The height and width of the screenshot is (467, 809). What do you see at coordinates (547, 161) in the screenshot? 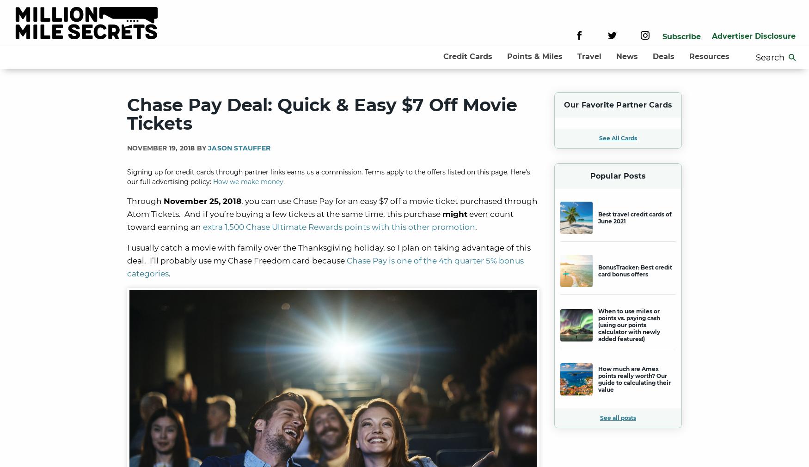
I see `'Redeem Points'` at bounding box center [547, 161].